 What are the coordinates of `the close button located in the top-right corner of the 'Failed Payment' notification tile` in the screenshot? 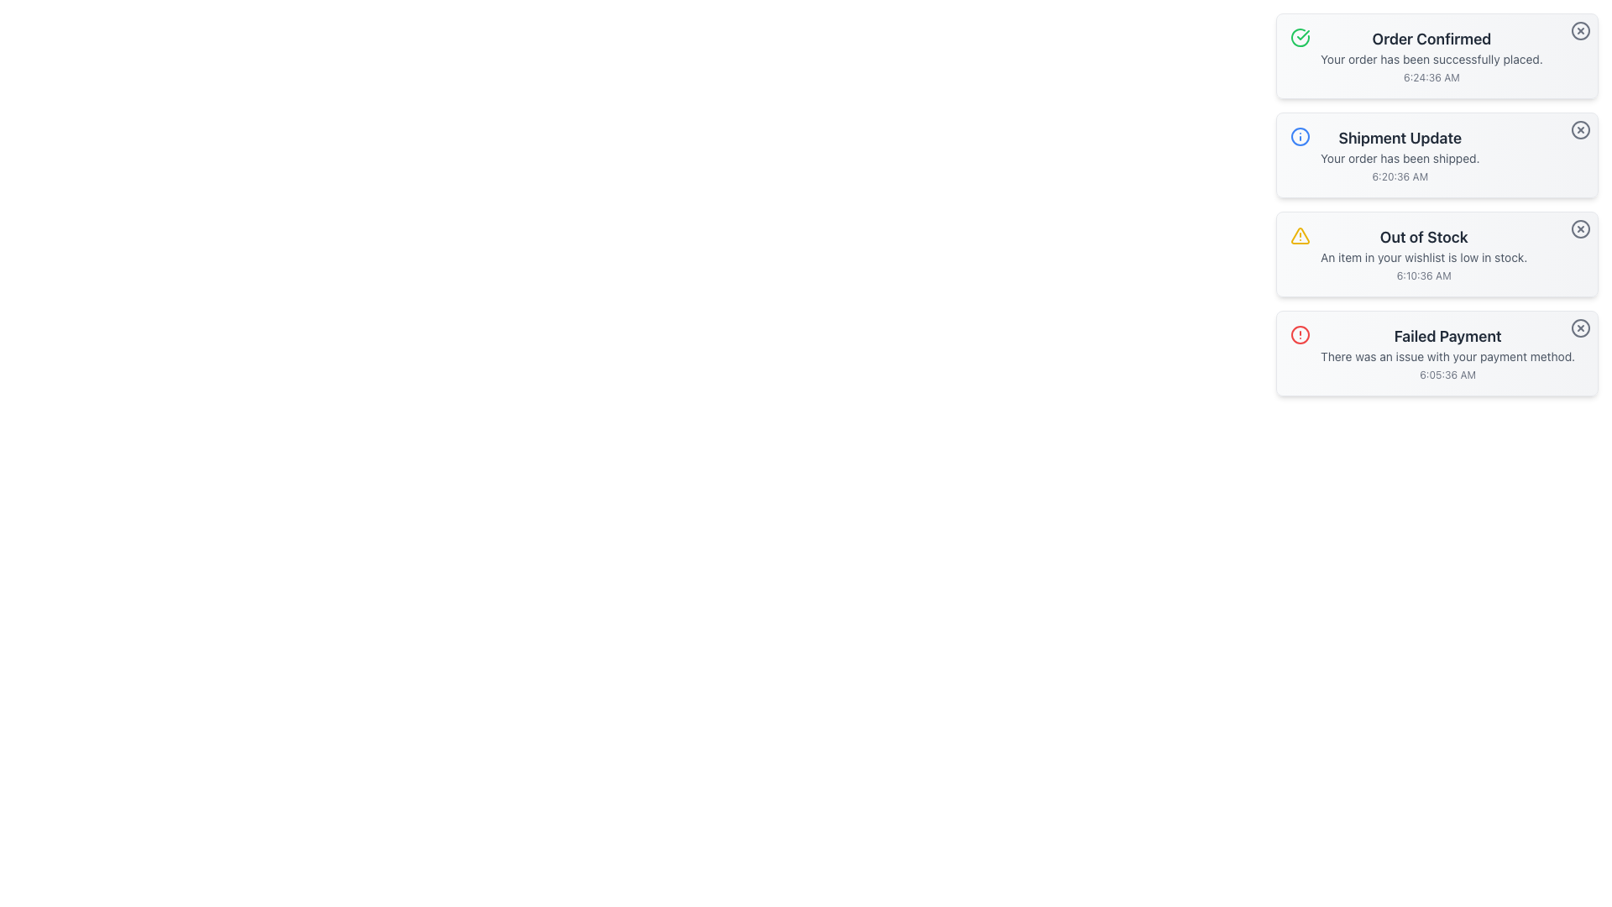 It's located at (1579, 328).